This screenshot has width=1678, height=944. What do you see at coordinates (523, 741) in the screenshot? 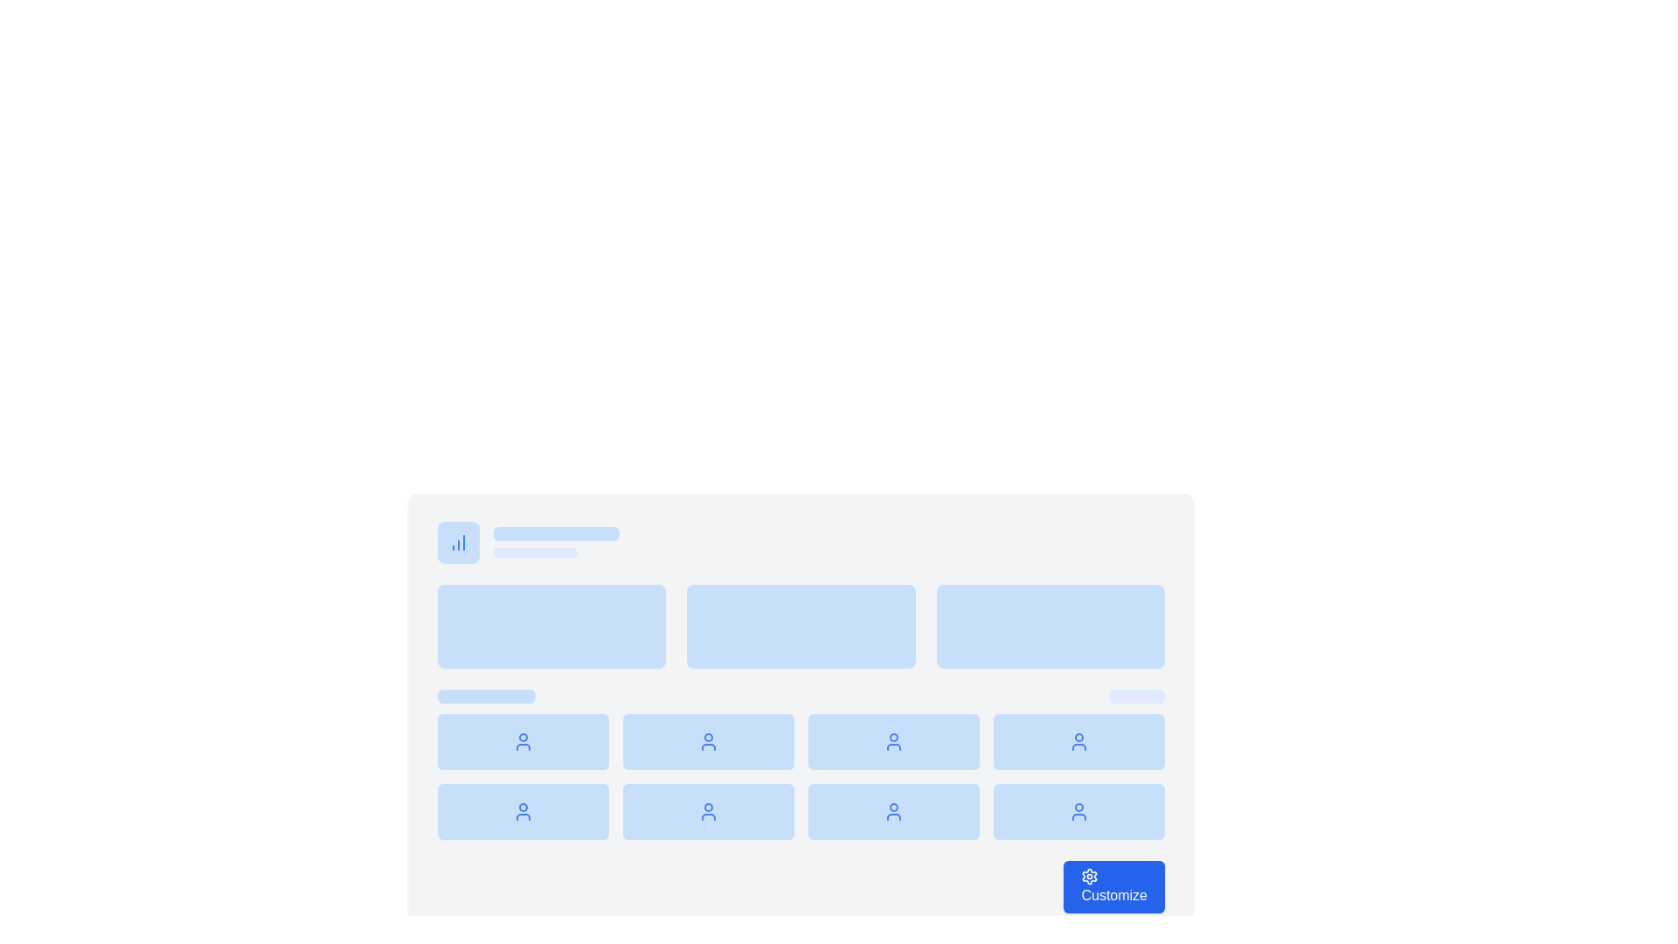
I see `the user profile icon, which is a minimalistic outline of a person in blue, located in the top-left cell of the second row of a grid of icons` at bounding box center [523, 741].